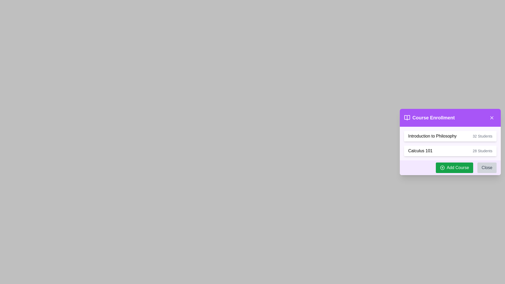 Image resolution: width=505 pixels, height=284 pixels. What do you see at coordinates (450, 117) in the screenshot?
I see `title text from the header with a purple background that says 'Course Enrollment'` at bounding box center [450, 117].